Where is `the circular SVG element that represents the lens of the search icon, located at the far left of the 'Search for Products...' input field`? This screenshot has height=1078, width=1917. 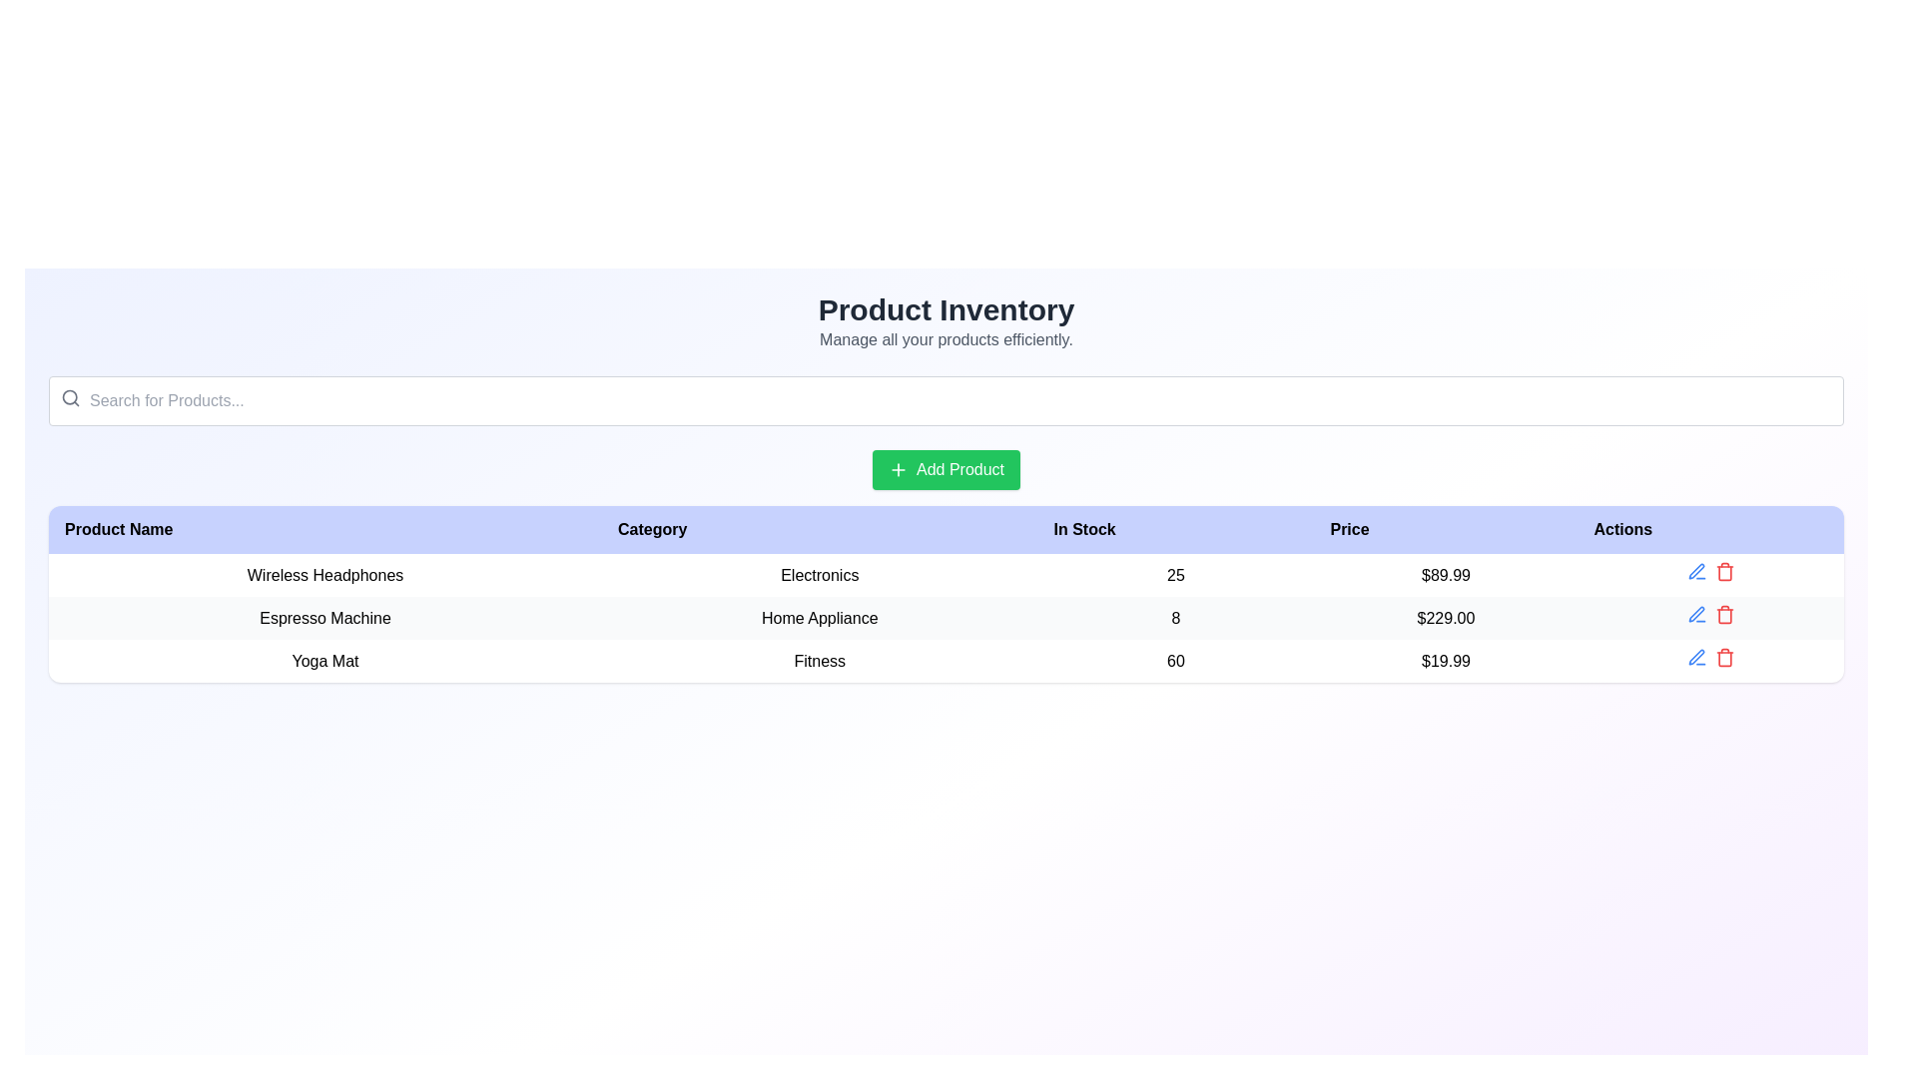 the circular SVG element that represents the lens of the search icon, located at the far left of the 'Search for Products...' input field is located at coordinates (70, 397).